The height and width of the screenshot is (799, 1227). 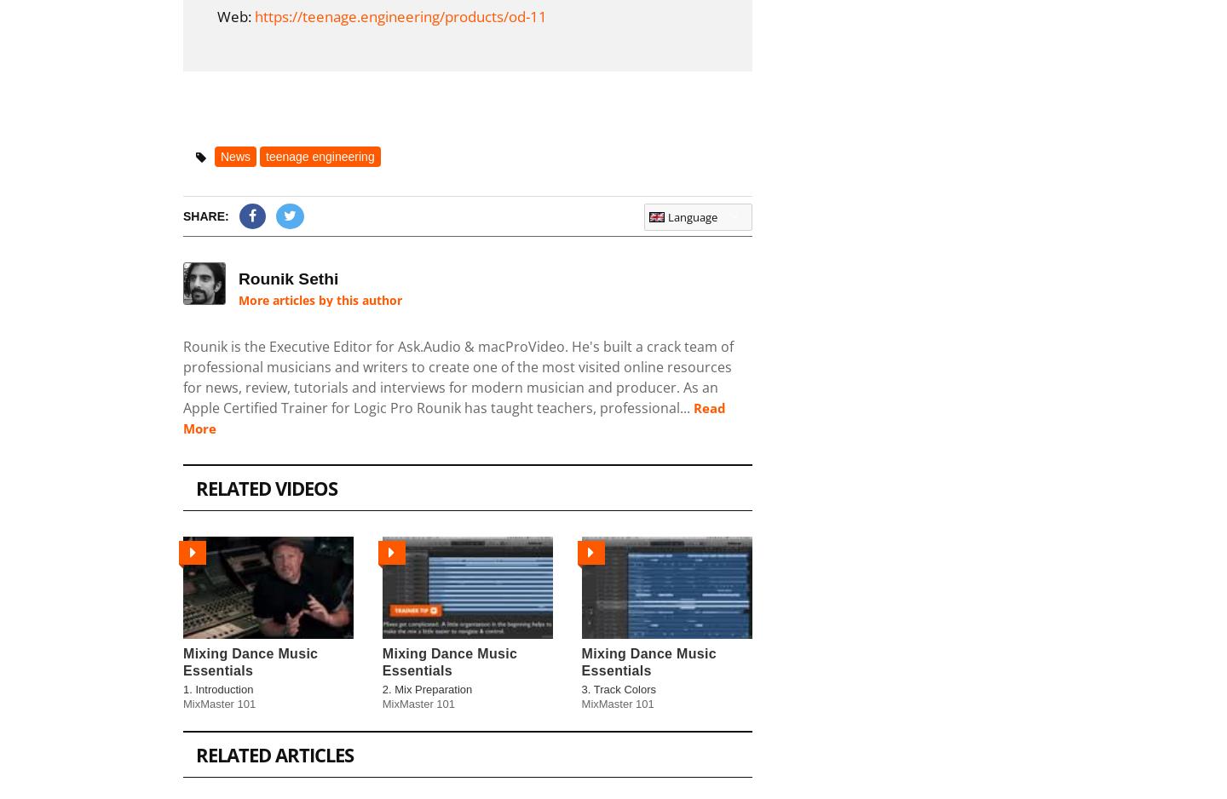 I want to click on 'Read More', so click(x=453, y=417).